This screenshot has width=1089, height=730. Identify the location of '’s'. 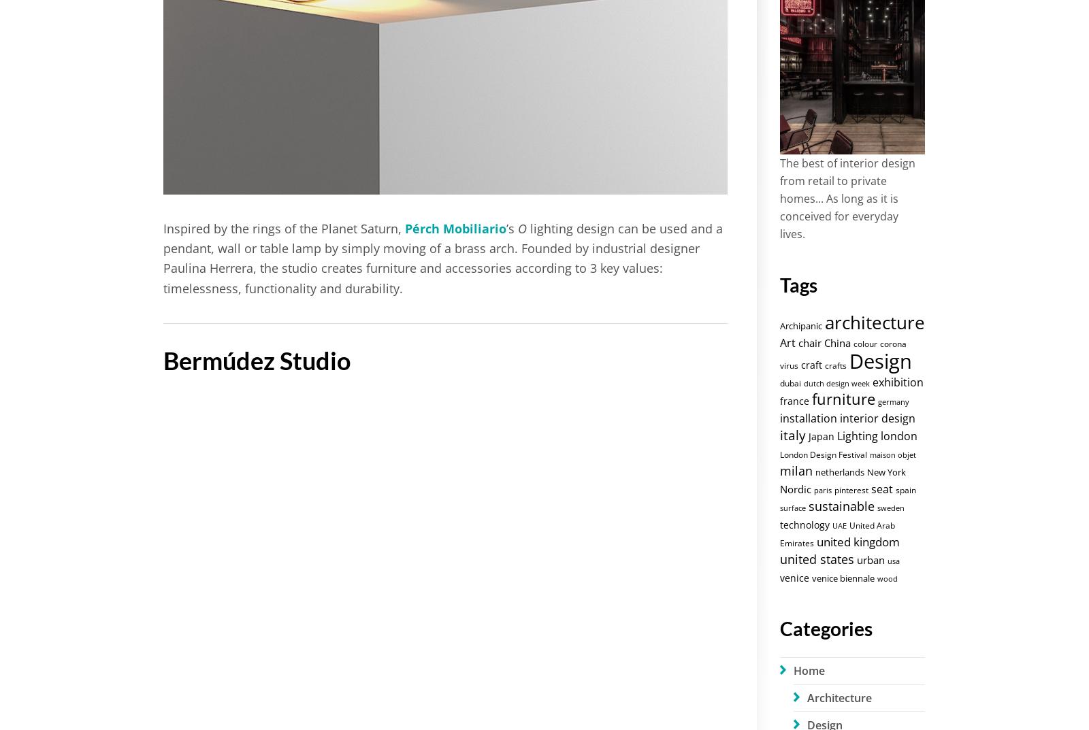
(512, 227).